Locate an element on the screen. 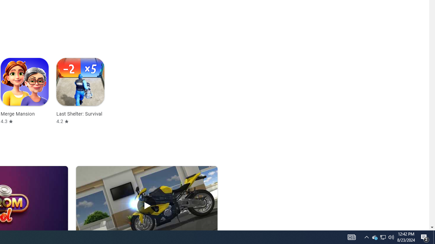 The image size is (435, 244). 'Play Traffic Rider' is located at coordinates (146, 205).